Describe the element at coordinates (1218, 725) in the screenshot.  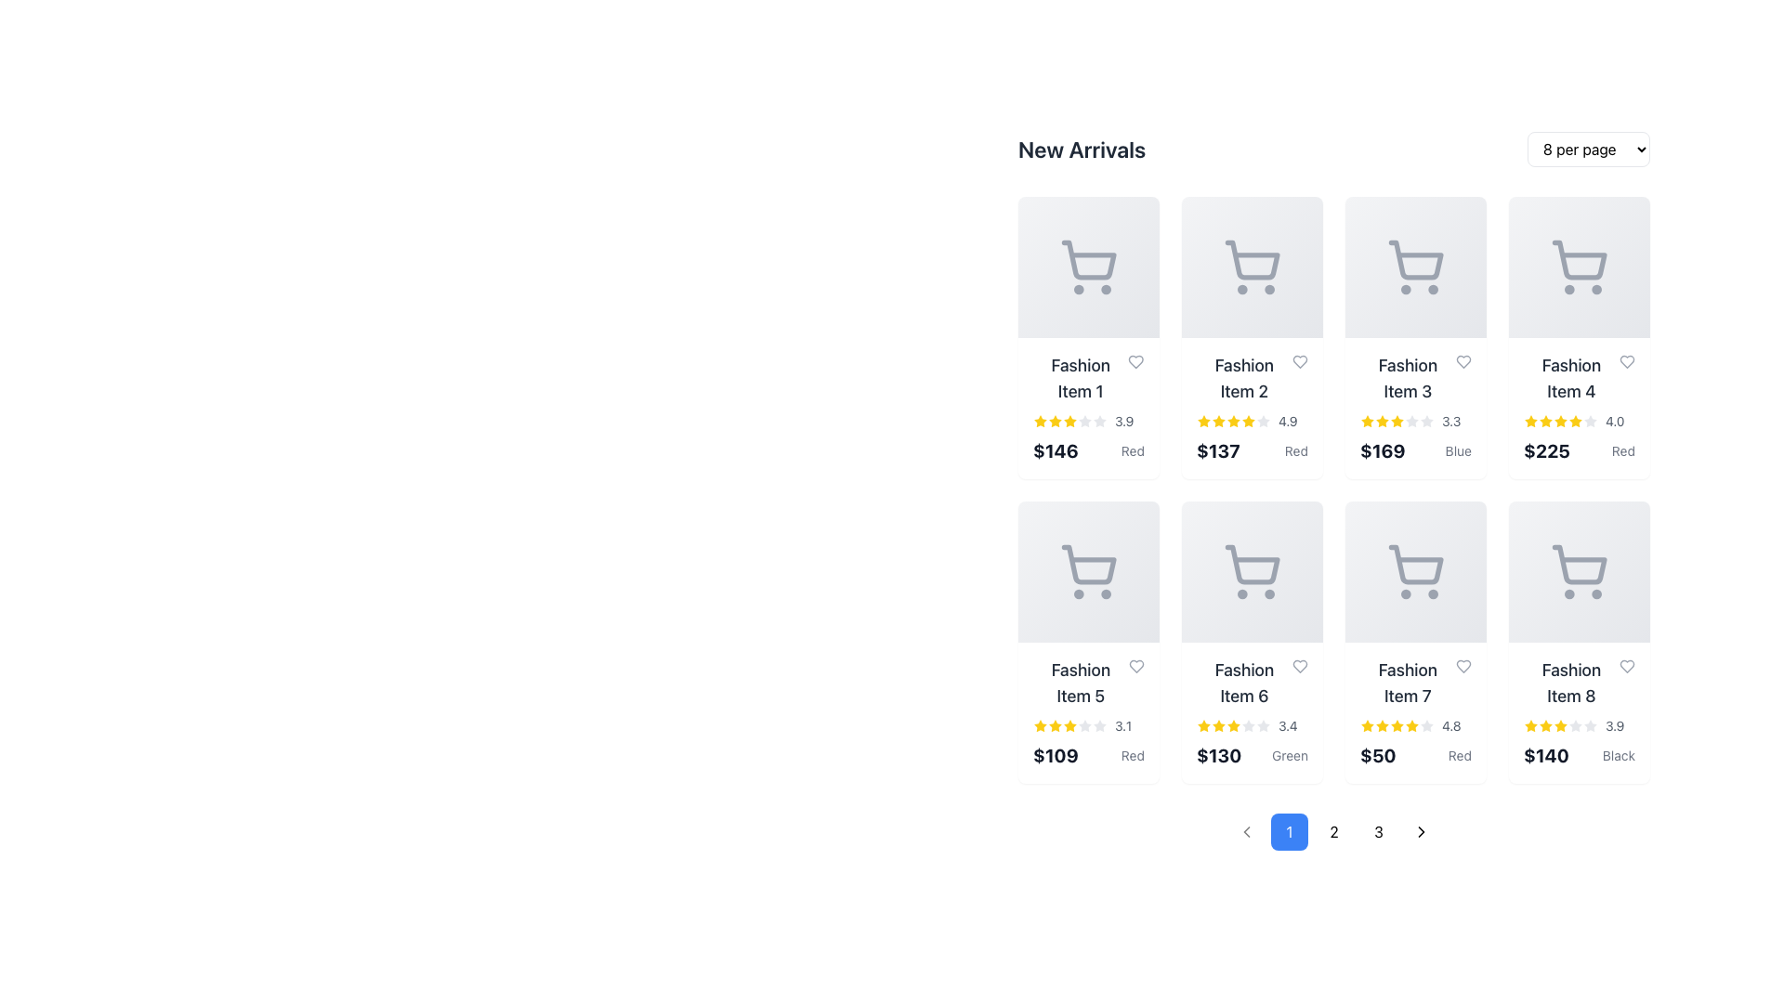
I see `the third star icon in the 5-star rating system for the 'Fashion Item 6' card located in the second row, second column of the grid layout` at that location.